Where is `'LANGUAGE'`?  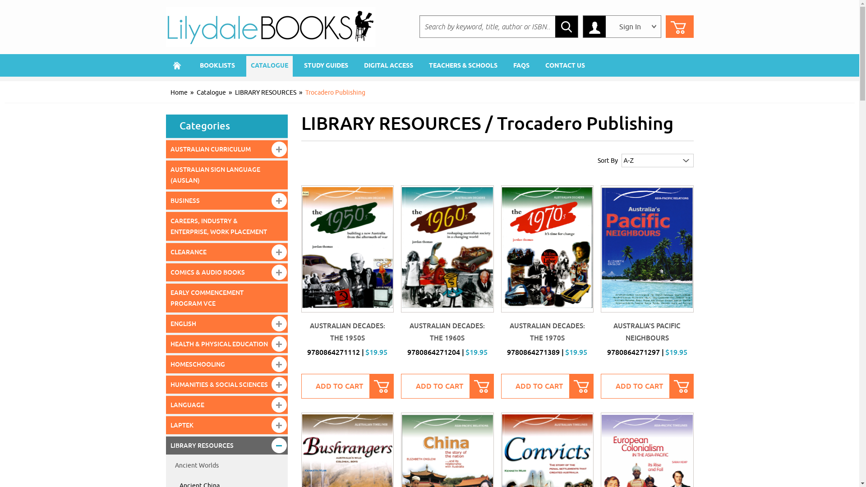 'LANGUAGE' is located at coordinates (166, 404).